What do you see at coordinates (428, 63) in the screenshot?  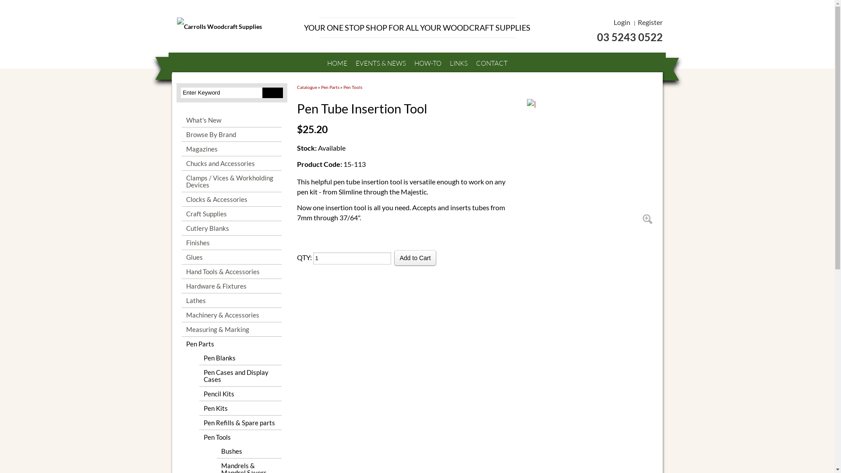 I see `'HOW-TO'` at bounding box center [428, 63].